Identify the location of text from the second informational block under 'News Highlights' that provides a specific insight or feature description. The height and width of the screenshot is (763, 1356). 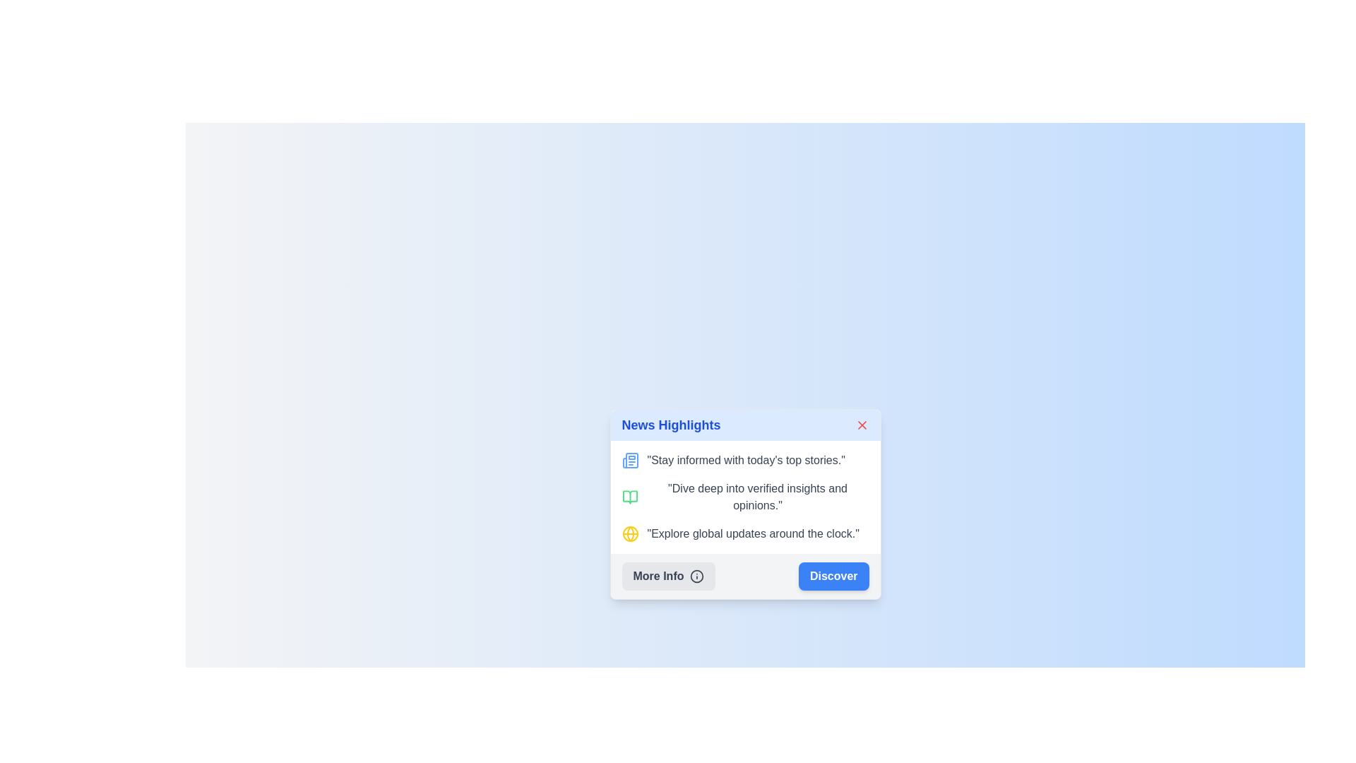
(744, 497).